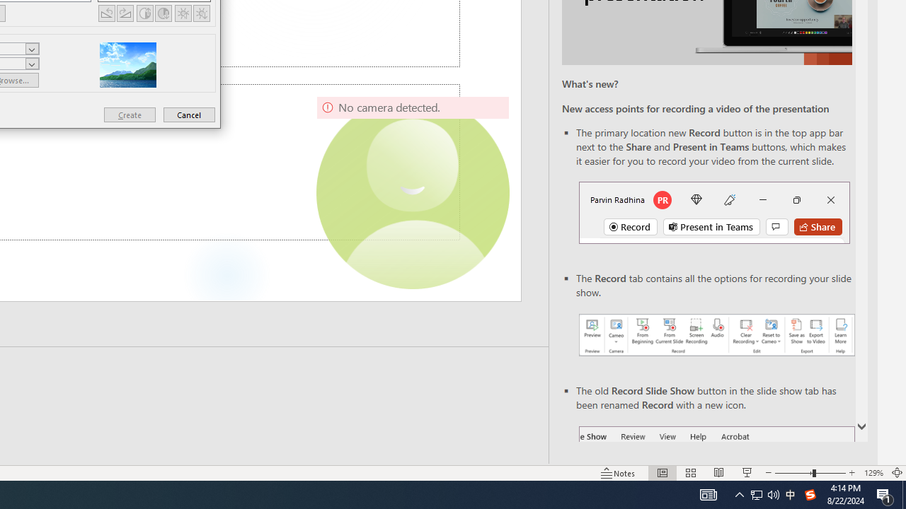 The image size is (906, 509). Describe the element at coordinates (764, 493) in the screenshot. I see `'User Promoted Notification Area'` at that location.